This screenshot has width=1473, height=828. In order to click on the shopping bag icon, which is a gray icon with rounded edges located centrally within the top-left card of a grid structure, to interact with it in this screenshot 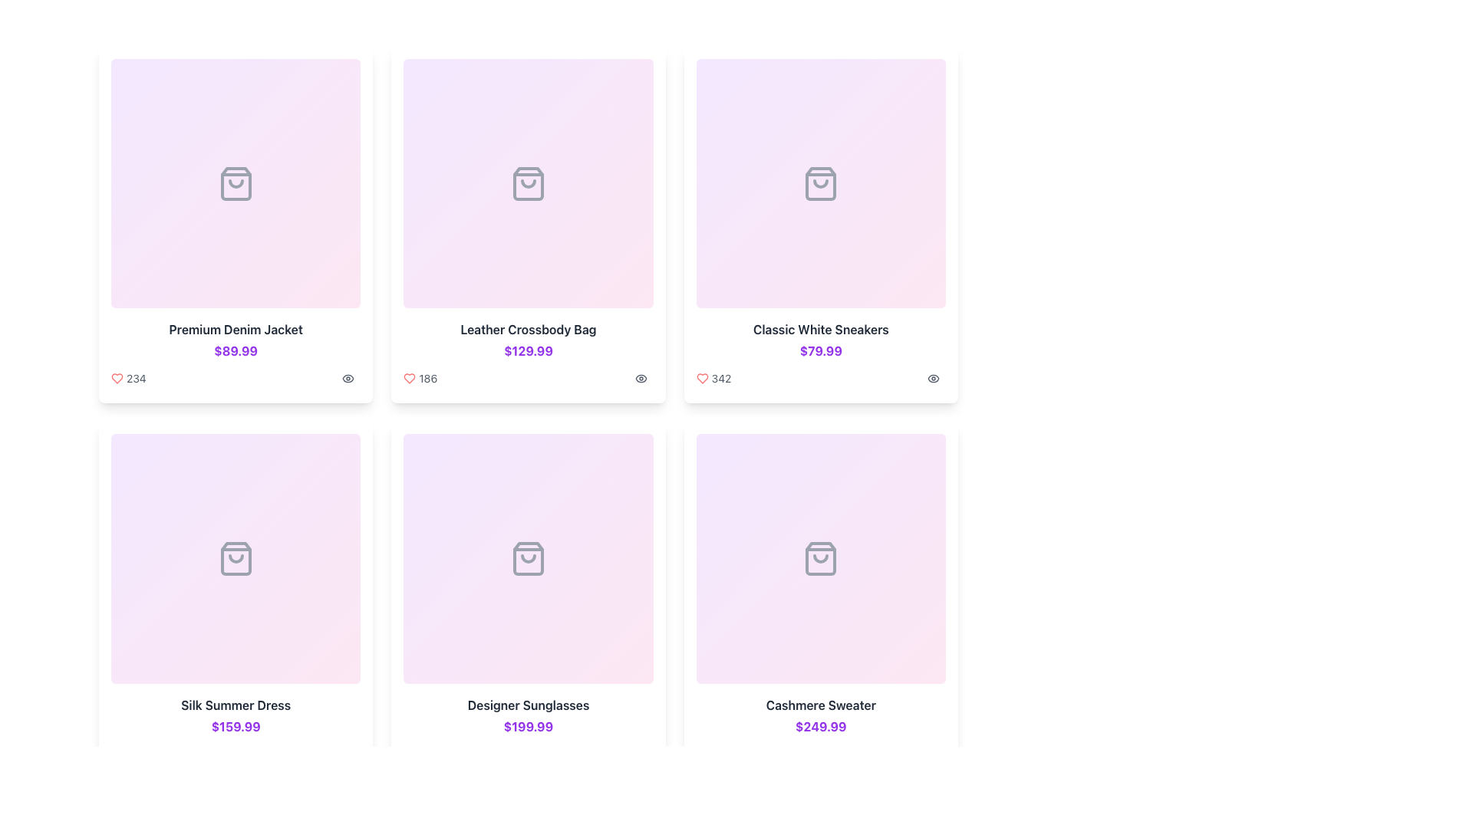, I will do `click(235, 182)`.